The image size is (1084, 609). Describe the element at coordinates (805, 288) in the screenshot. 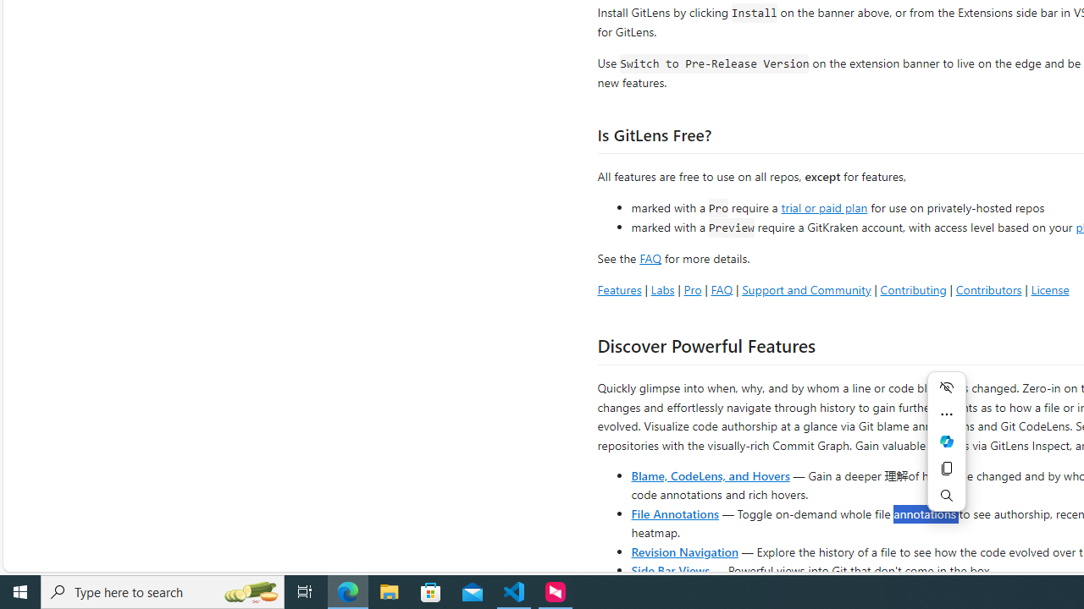

I see `'Support and Community'` at that location.